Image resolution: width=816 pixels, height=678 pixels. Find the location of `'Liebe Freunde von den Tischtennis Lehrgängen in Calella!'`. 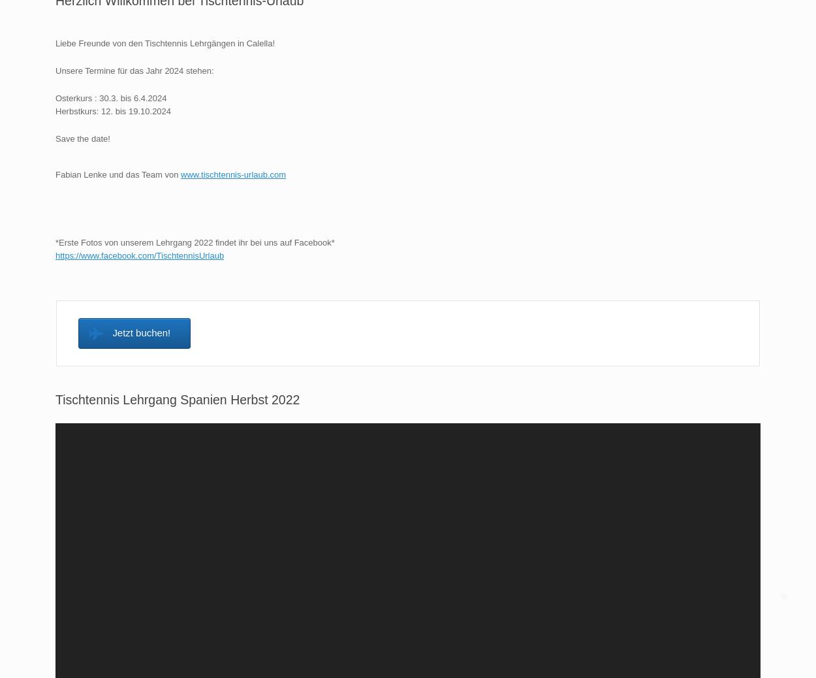

'Liebe Freunde von den Tischtennis Lehrgängen in Calella!' is located at coordinates (165, 42).